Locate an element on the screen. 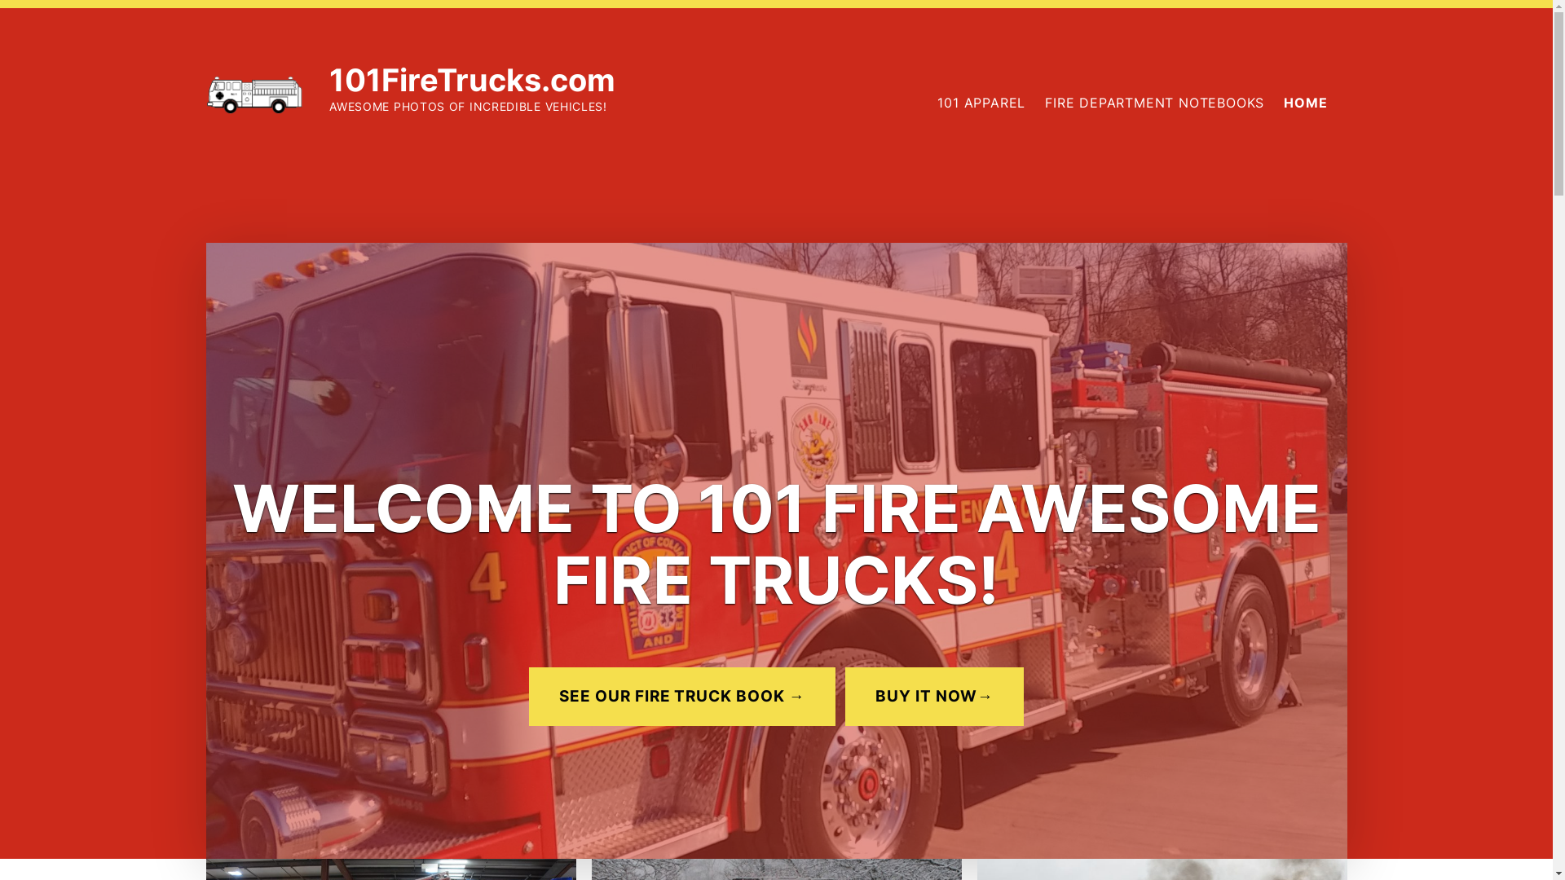  'FIRE DEPARTMENT NOTEBOOKS' is located at coordinates (1153, 103).